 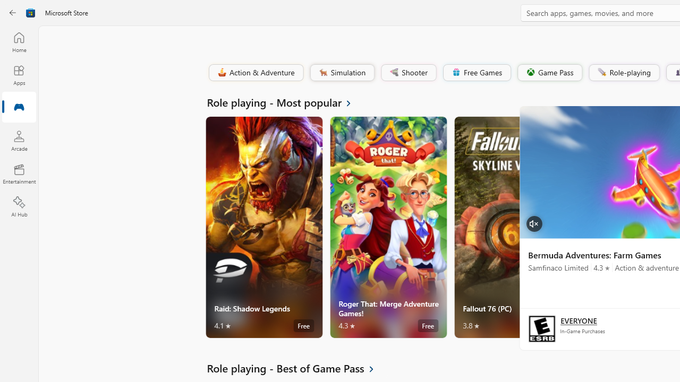 I want to click on 'AI Hub', so click(x=19, y=207).